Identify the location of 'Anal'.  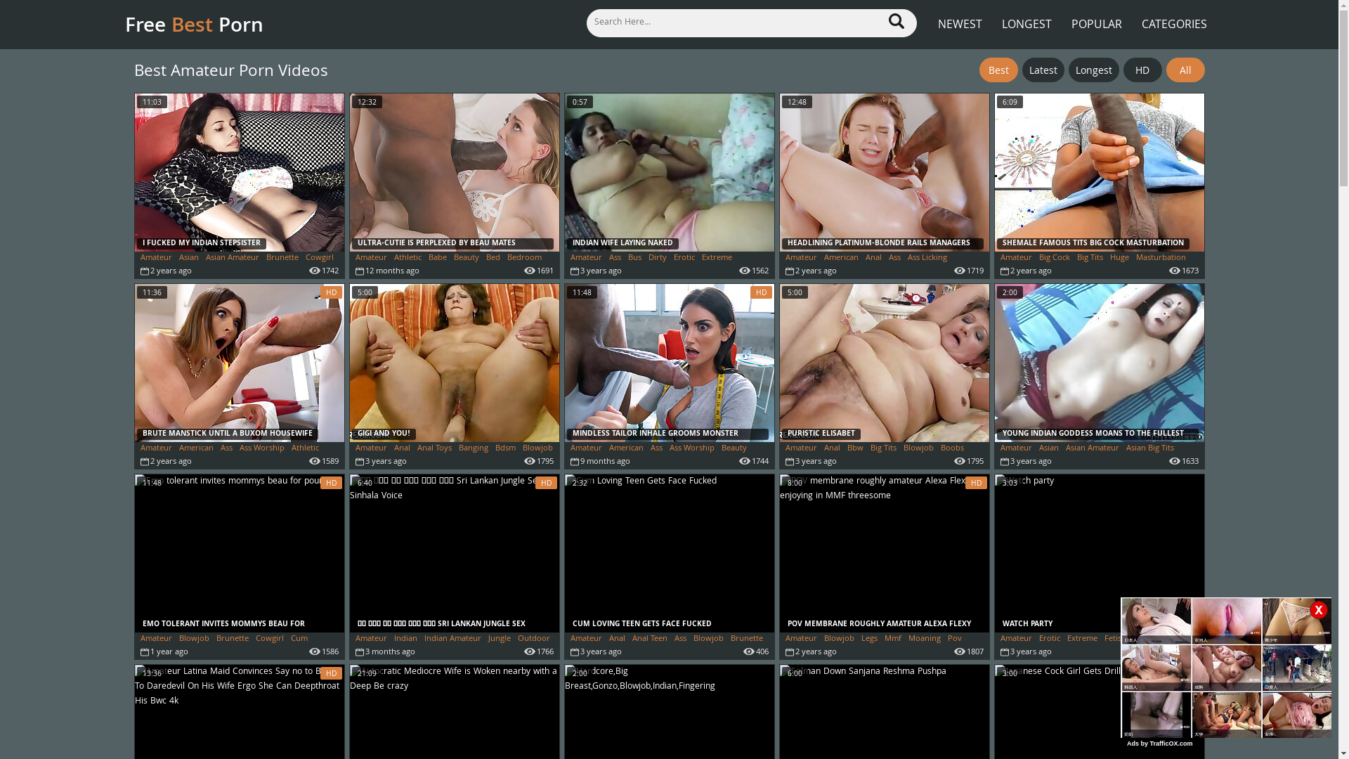
(873, 258).